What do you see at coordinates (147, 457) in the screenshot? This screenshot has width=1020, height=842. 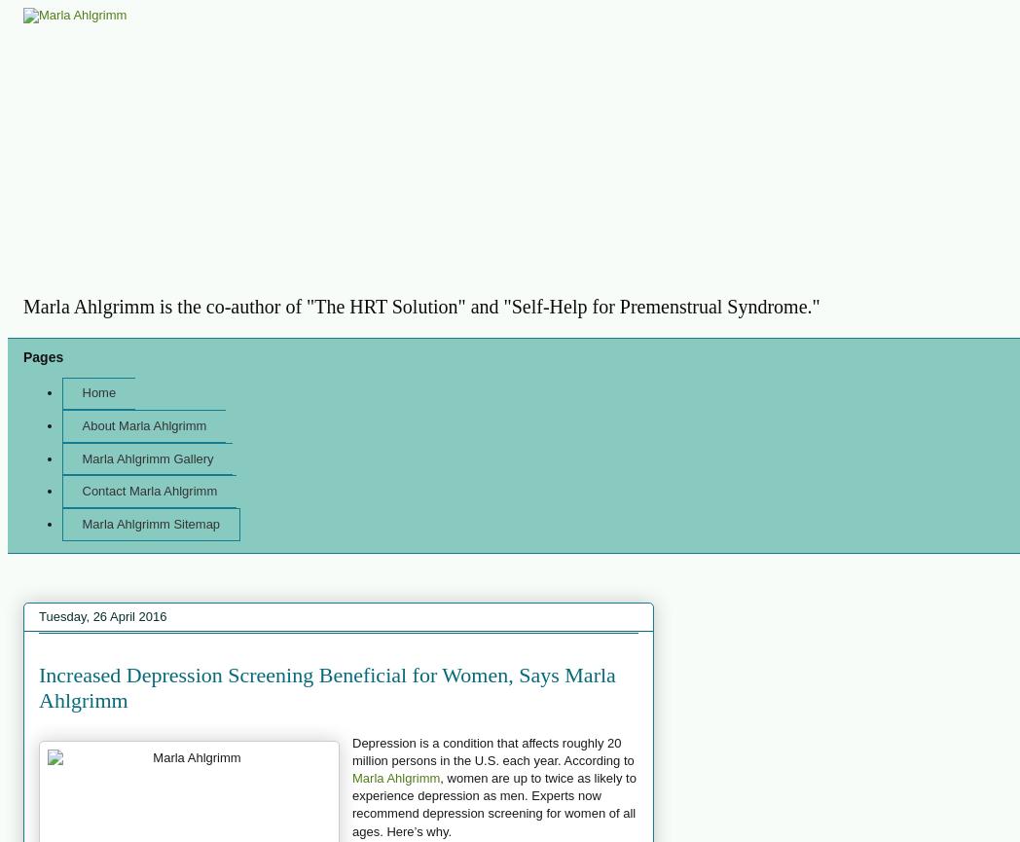 I see `'Marla Ahlgrimm Gallery'` at bounding box center [147, 457].